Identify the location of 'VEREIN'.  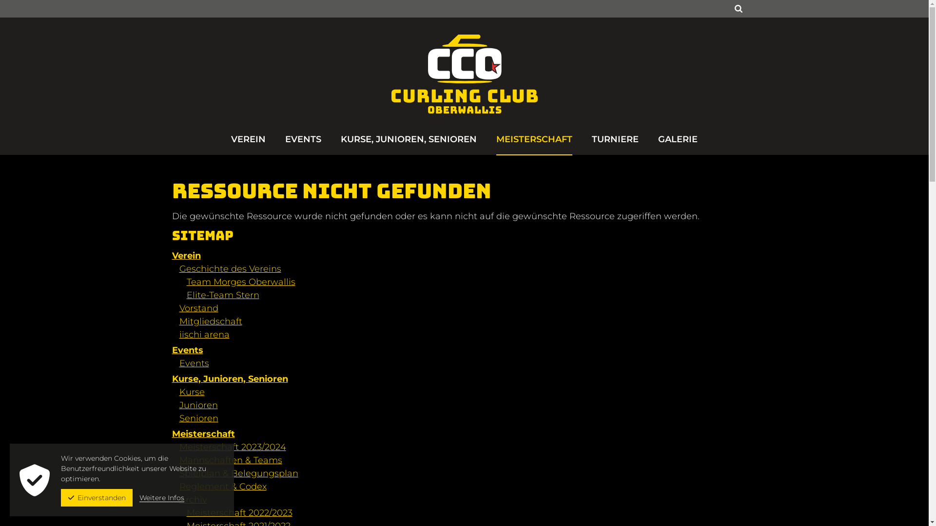
(248, 144).